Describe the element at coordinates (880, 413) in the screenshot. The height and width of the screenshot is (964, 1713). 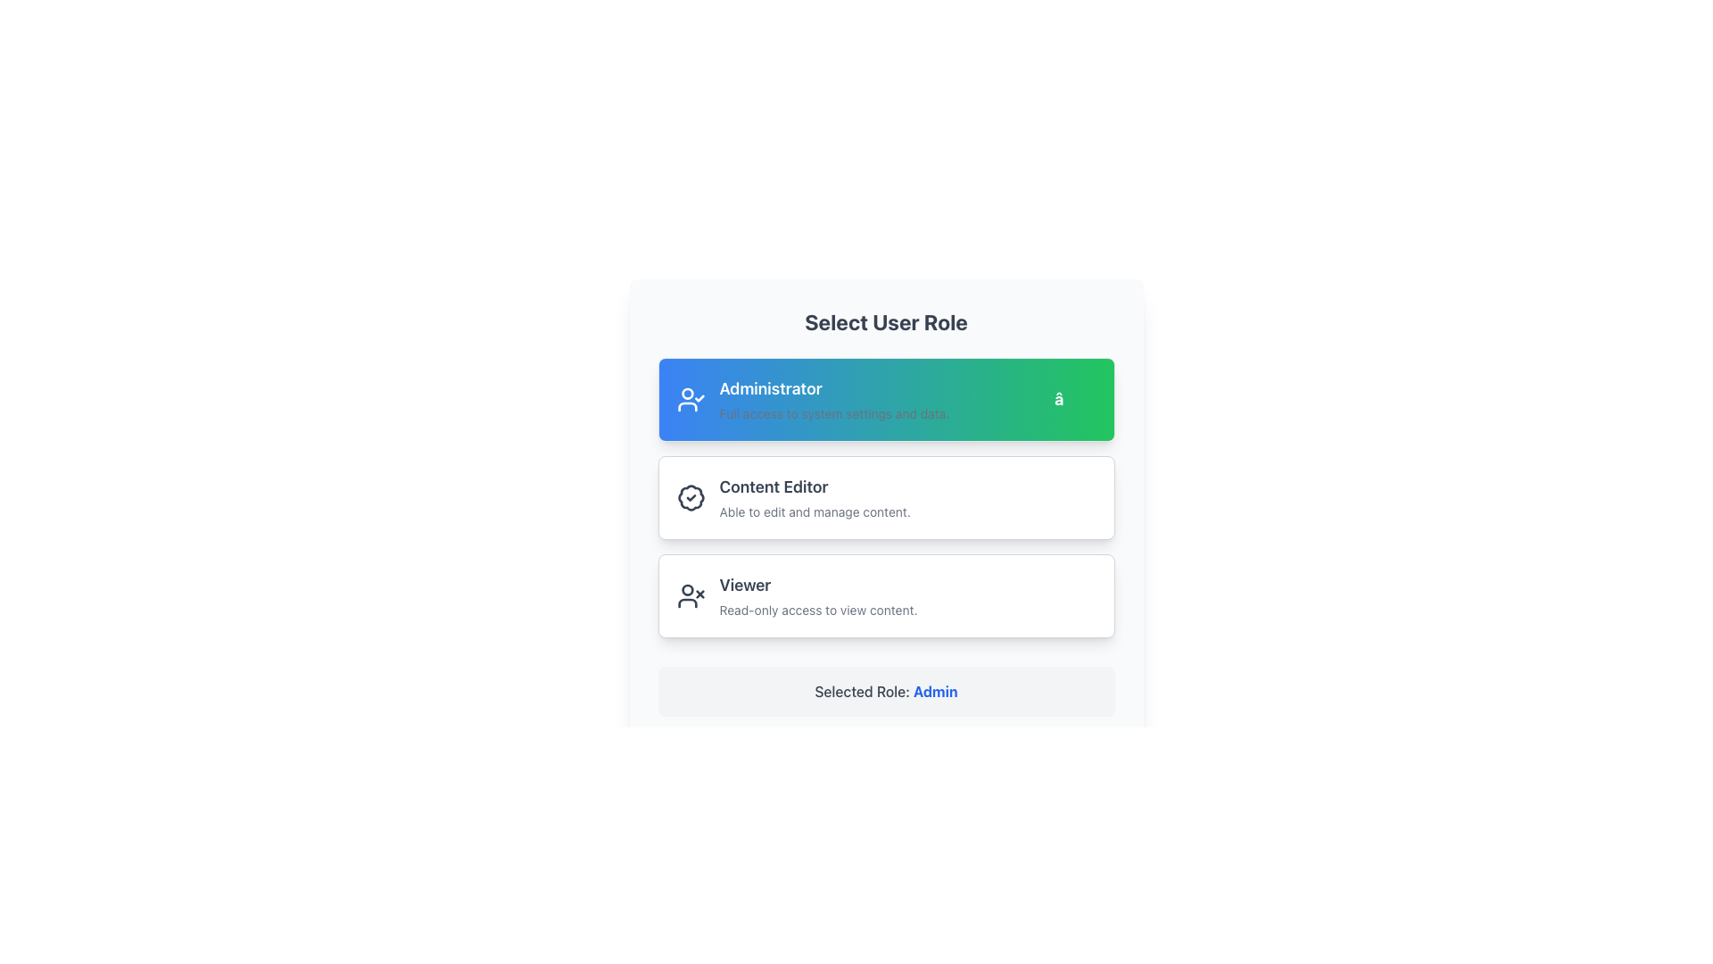
I see `text element that states 'Full access to system settings and data.' which is styled in a small gray font and positioned below the 'Administrator' heading` at that location.